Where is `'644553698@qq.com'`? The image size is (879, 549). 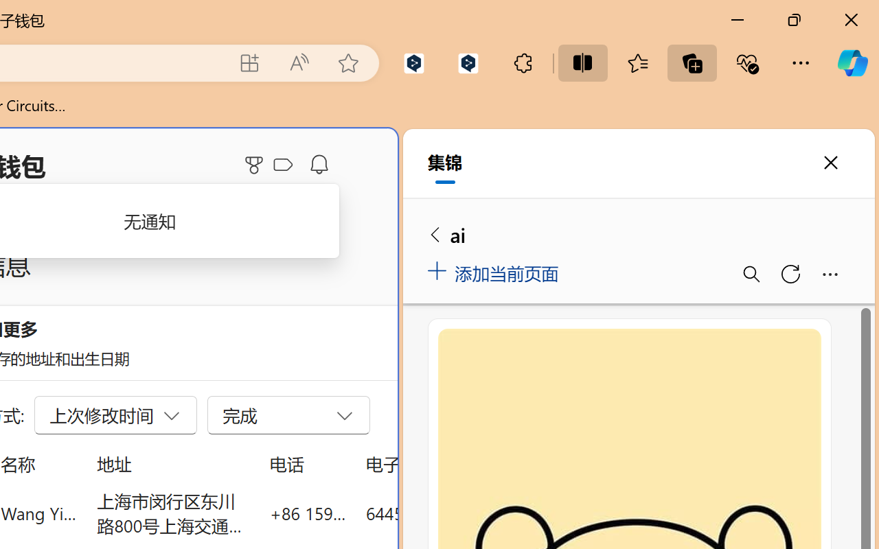
'644553698@qq.com' is located at coordinates (442, 513).